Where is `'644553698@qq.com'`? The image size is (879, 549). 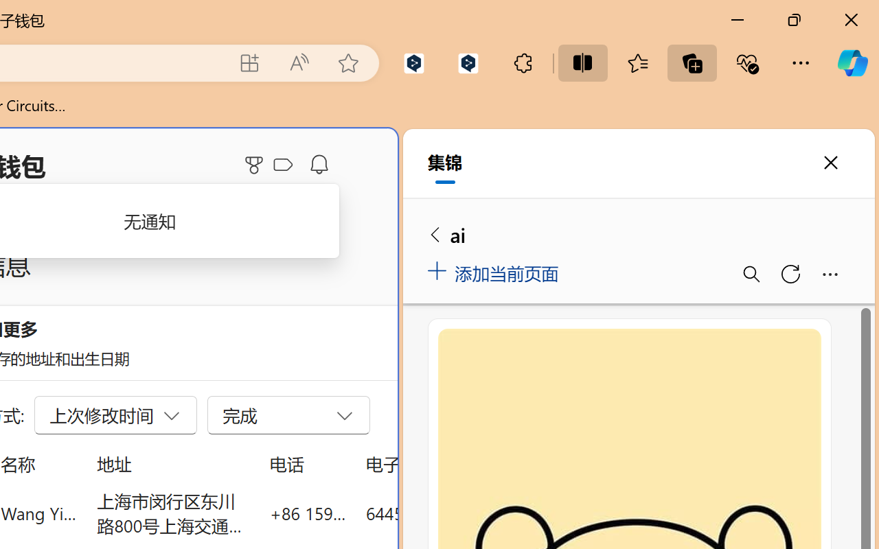
'644553698@qq.com' is located at coordinates (442, 513).